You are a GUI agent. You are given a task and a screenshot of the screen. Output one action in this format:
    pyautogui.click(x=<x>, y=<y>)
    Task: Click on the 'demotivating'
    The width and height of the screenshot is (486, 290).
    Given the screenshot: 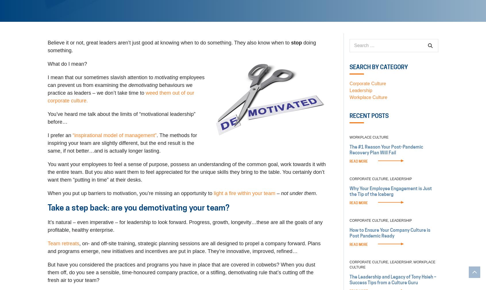 What is the action you would take?
    pyautogui.click(x=143, y=85)
    